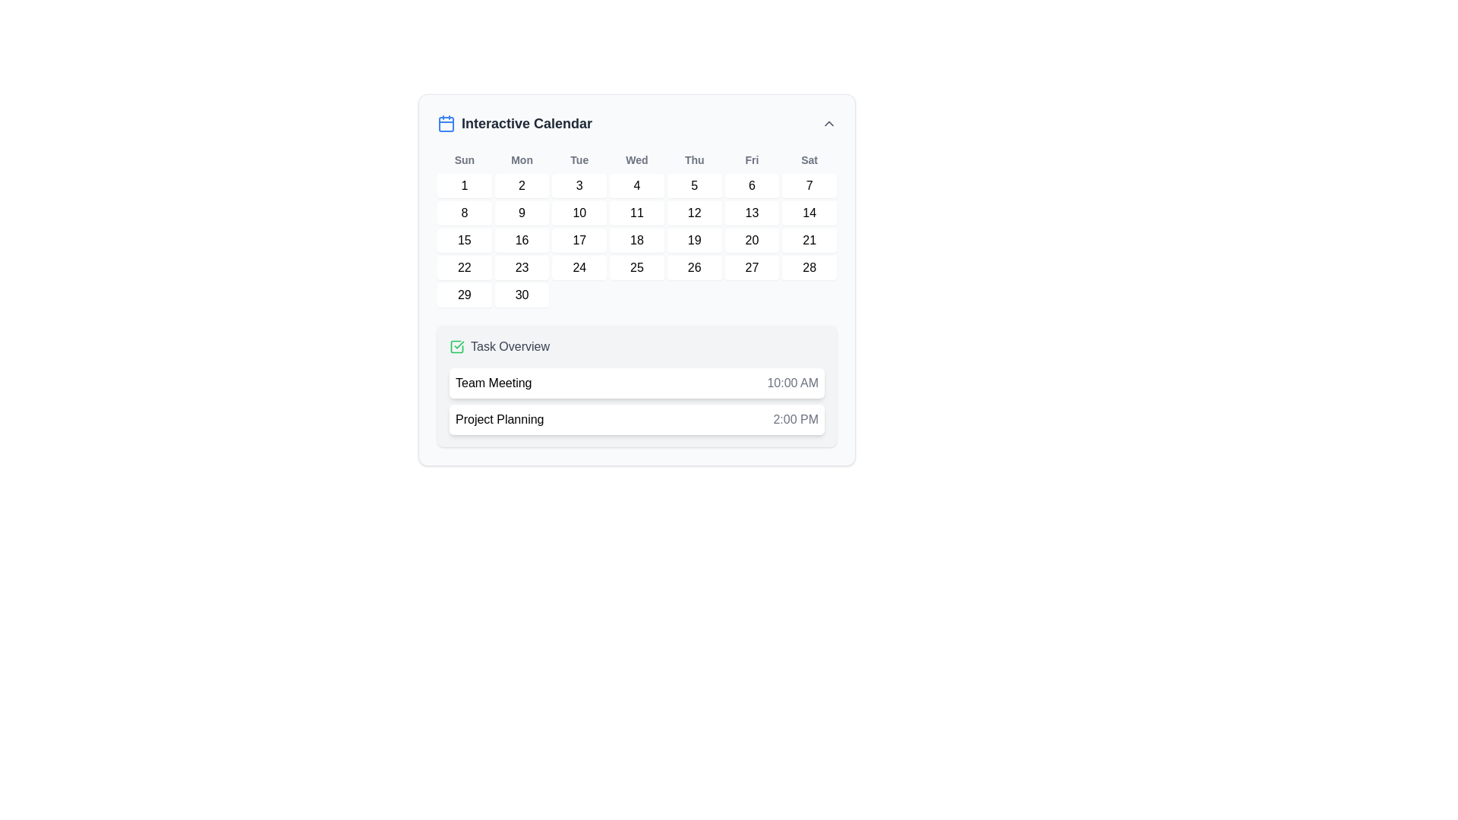 The width and height of the screenshot is (1458, 820). Describe the element at coordinates (463, 213) in the screenshot. I see `the rounded rectangular button with a white background and the number '8'` at that location.